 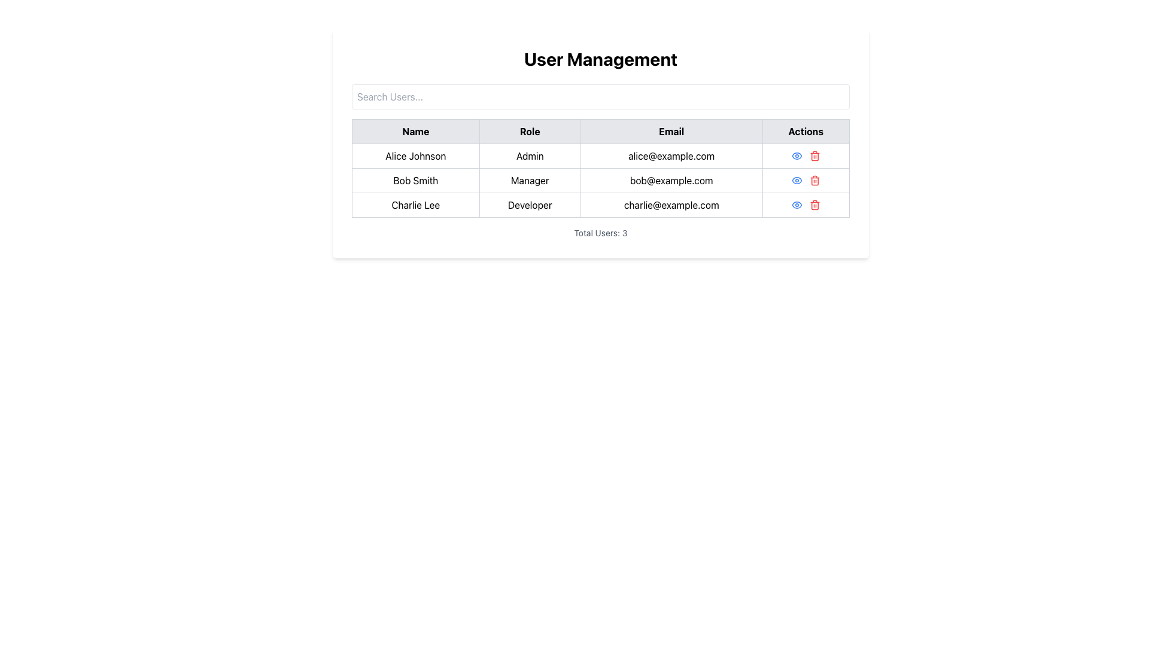 What do you see at coordinates (797, 180) in the screenshot?
I see `the interactive icon in the 'Actions' section of the table` at bounding box center [797, 180].